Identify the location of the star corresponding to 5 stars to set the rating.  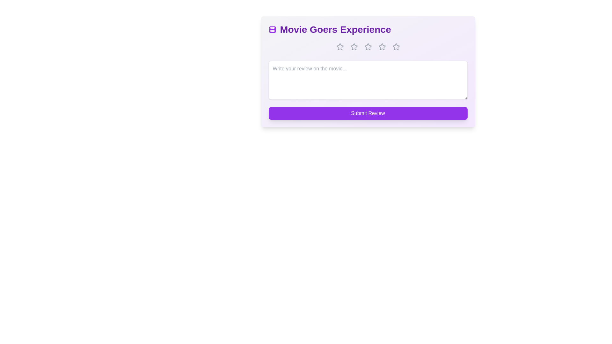
(396, 46).